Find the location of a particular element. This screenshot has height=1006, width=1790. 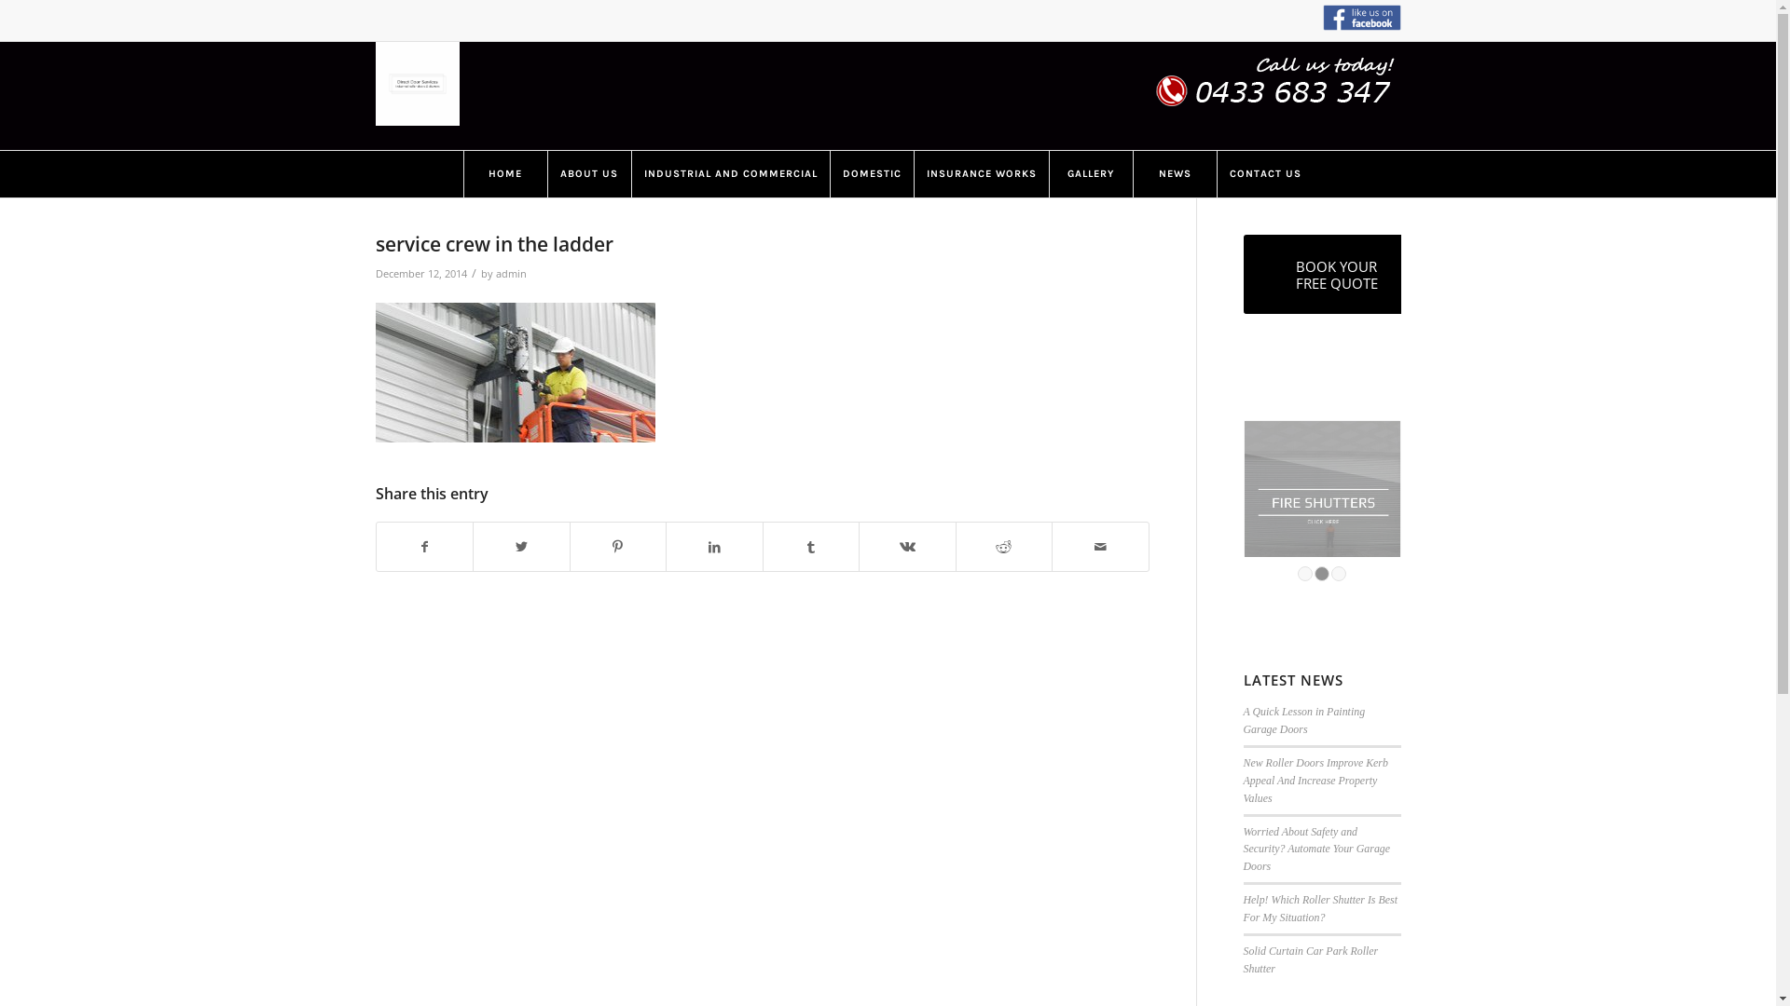

'NEWS' is located at coordinates (1172, 173).